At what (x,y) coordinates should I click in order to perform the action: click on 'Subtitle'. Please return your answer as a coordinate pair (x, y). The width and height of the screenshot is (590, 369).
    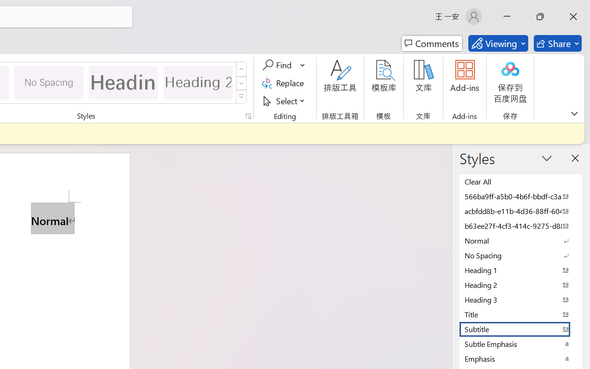
    Looking at the image, I should click on (521, 328).